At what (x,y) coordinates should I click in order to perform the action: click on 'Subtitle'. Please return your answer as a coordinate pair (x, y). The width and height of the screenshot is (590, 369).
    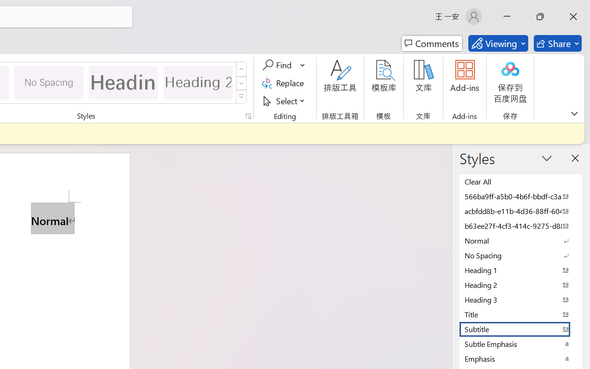
    Looking at the image, I should click on (521, 328).